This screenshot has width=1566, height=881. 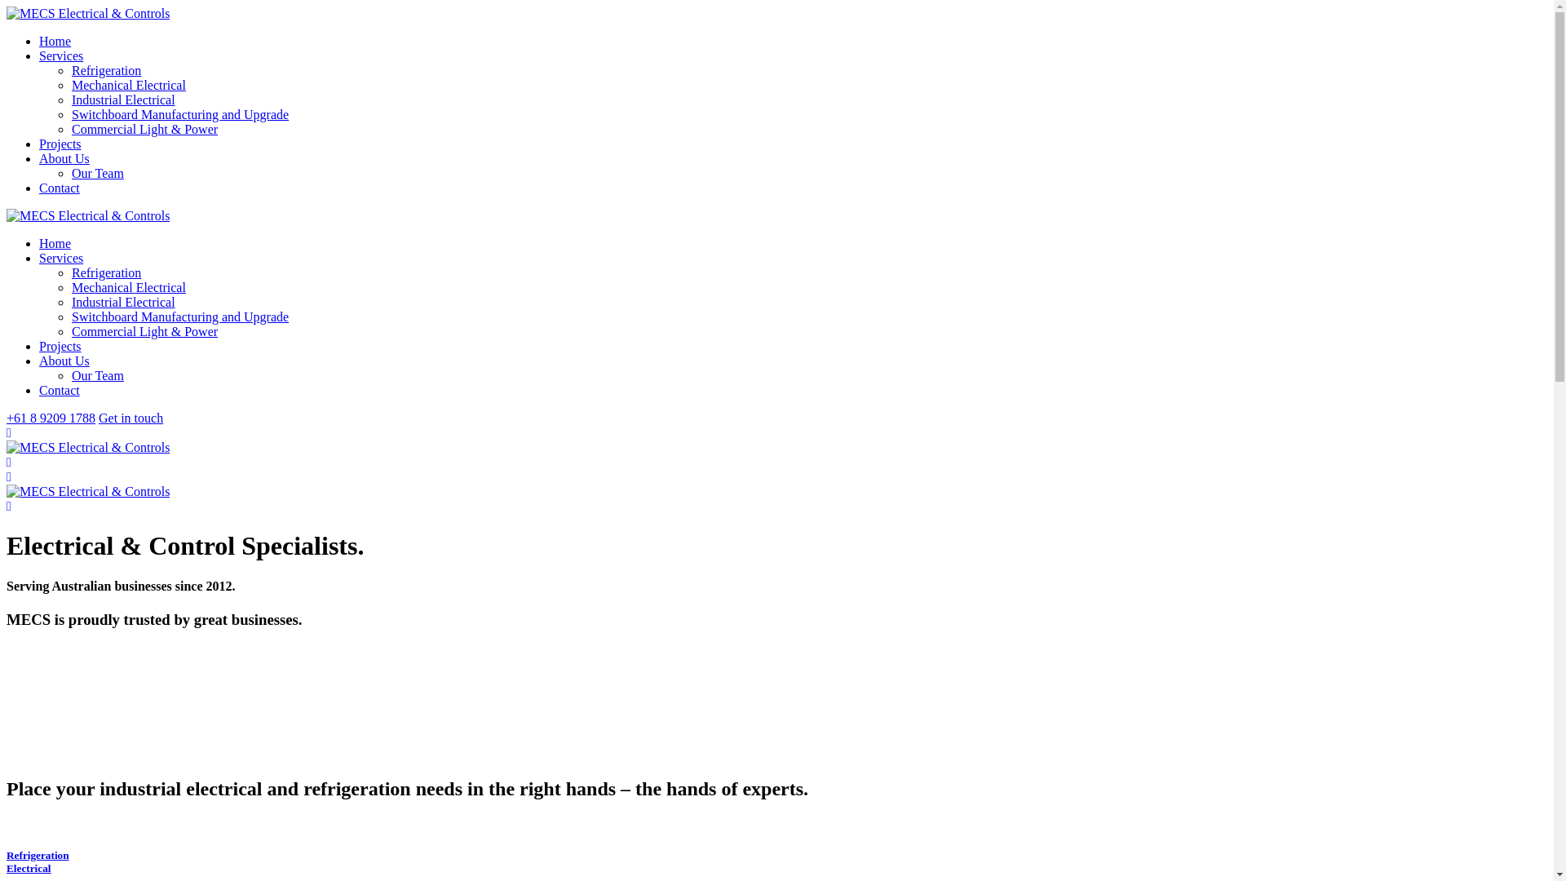 What do you see at coordinates (122, 100) in the screenshot?
I see `'Industrial Electrical'` at bounding box center [122, 100].